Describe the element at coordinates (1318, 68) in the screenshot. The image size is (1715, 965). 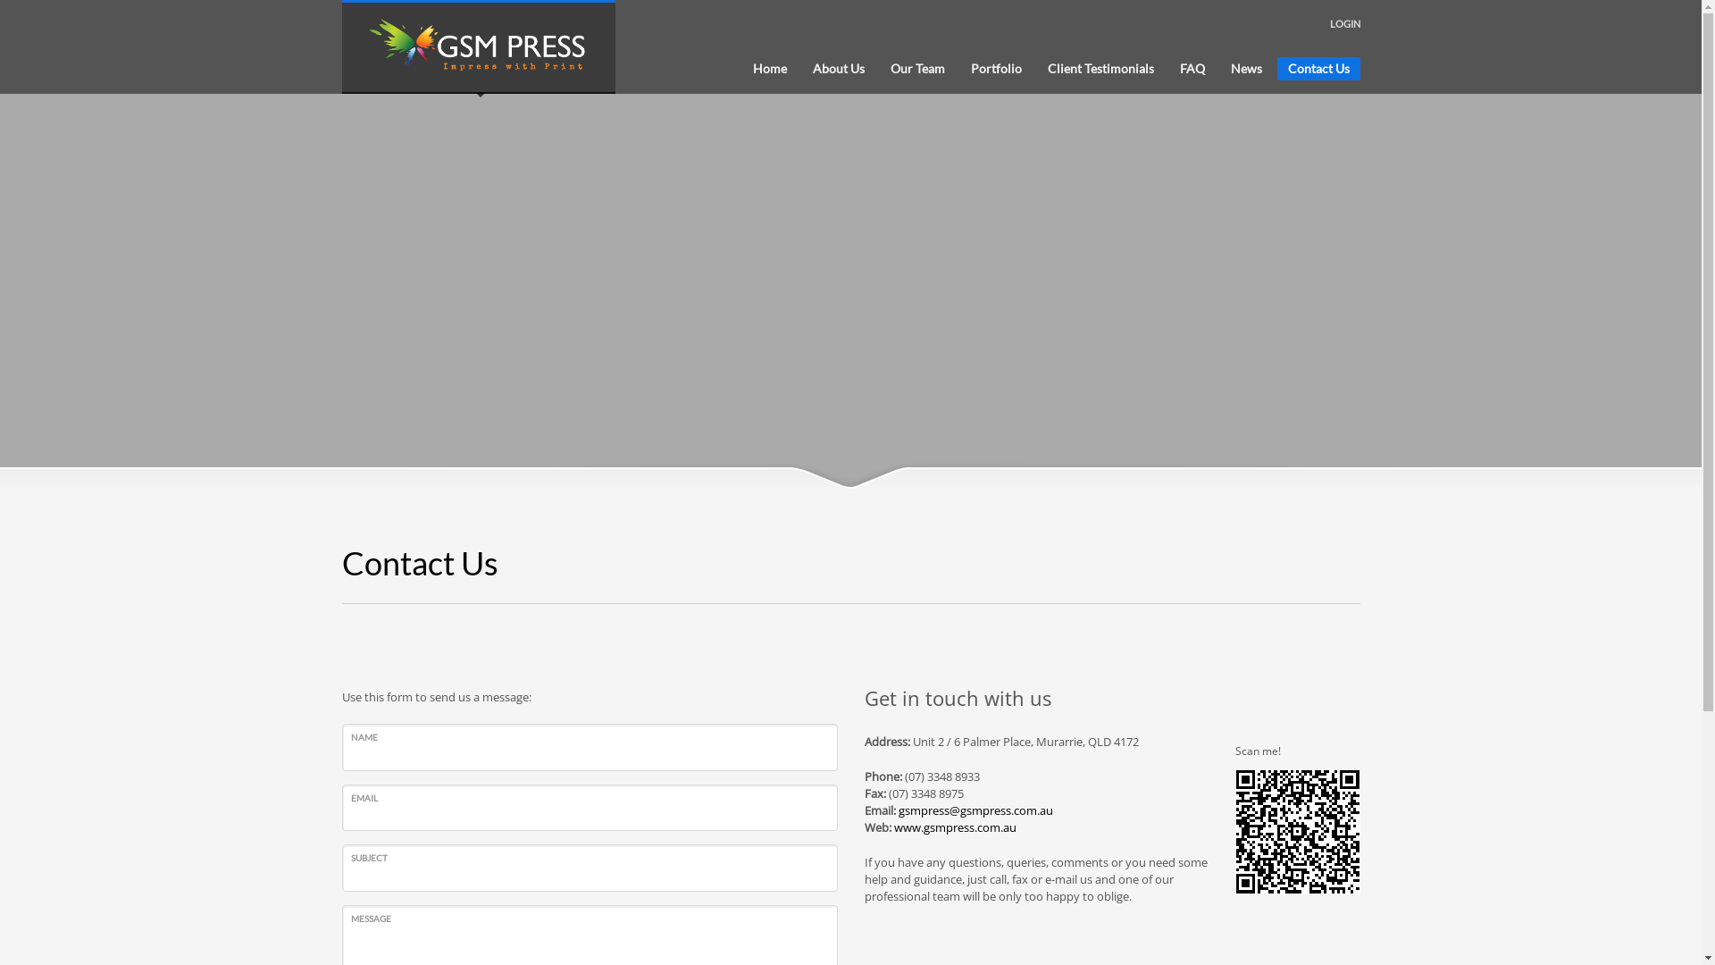
I see `'Contact Us'` at that location.